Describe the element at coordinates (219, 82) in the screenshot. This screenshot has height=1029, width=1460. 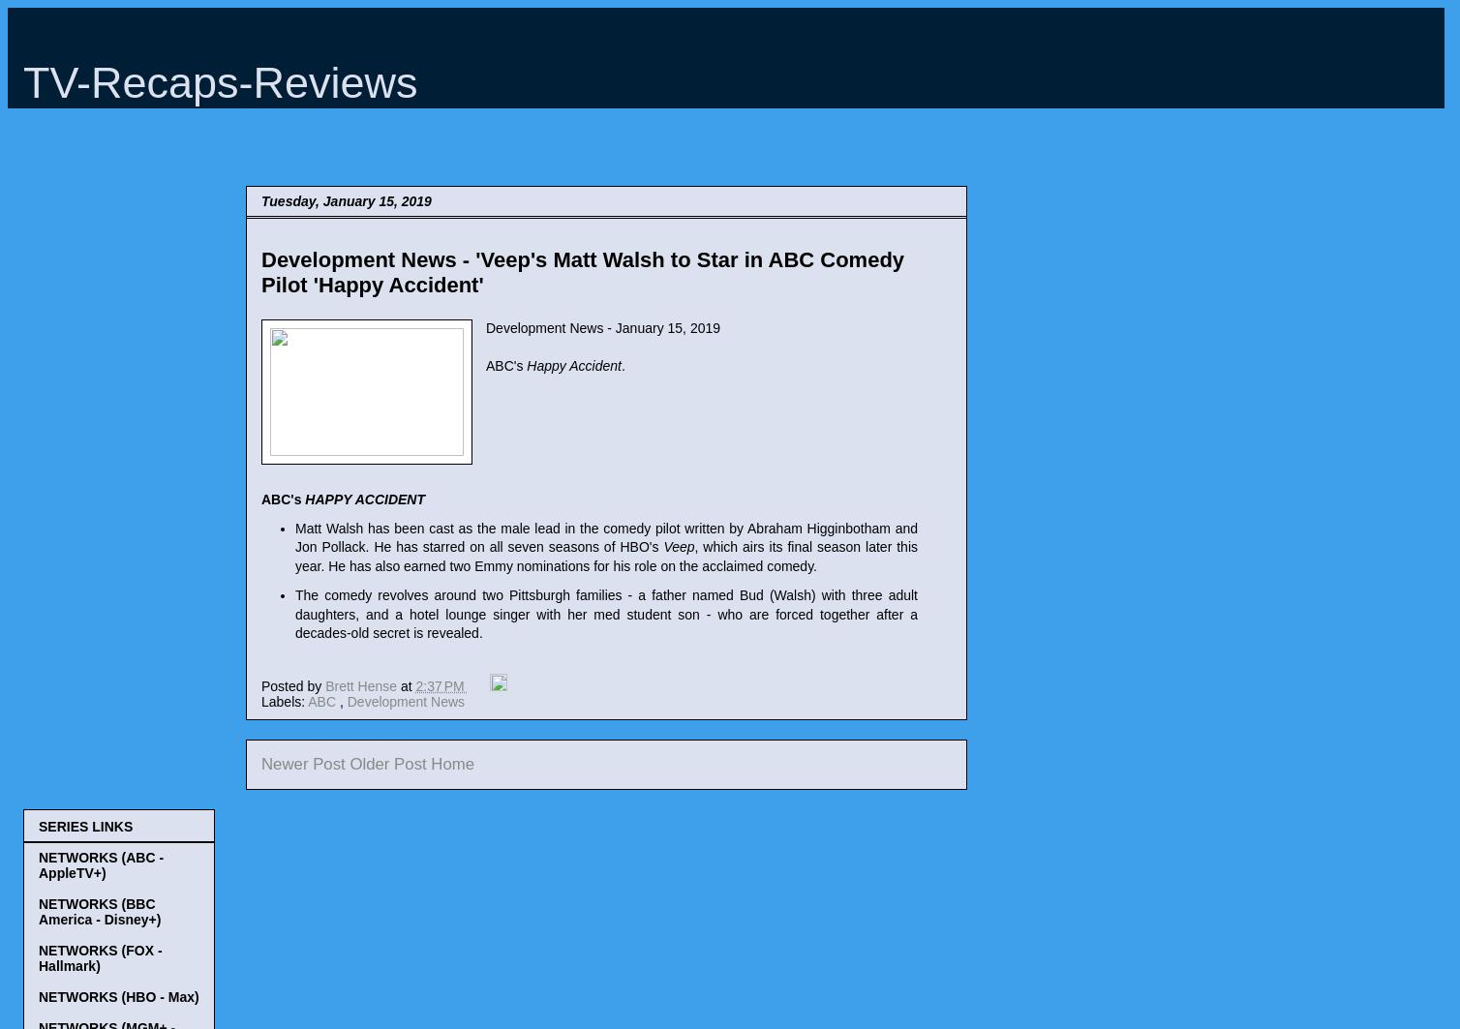
I see `'TV-Recaps-Reviews'` at that location.